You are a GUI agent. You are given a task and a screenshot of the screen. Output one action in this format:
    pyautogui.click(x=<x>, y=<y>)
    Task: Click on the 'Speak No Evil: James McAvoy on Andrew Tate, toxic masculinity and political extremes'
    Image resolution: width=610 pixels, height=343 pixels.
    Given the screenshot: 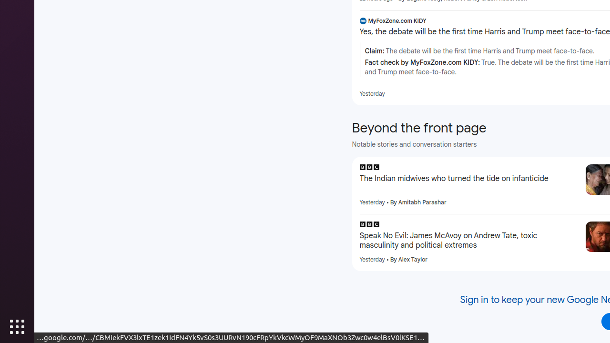 What is the action you would take?
    pyautogui.click(x=468, y=240)
    